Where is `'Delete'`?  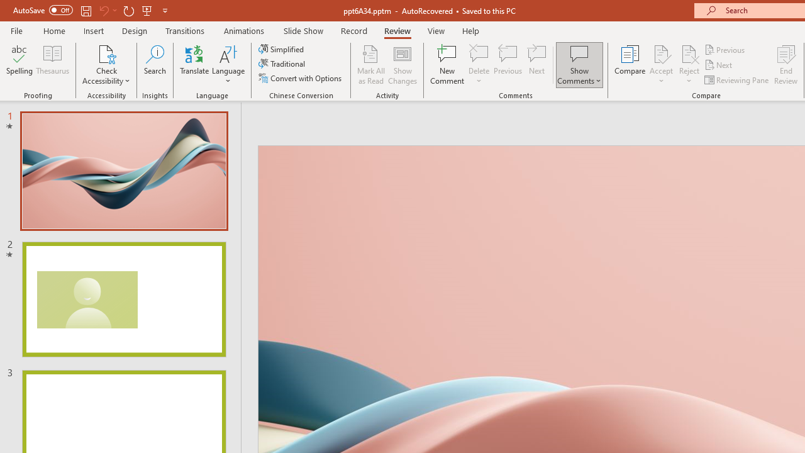 'Delete' is located at coordinates (479, 53).